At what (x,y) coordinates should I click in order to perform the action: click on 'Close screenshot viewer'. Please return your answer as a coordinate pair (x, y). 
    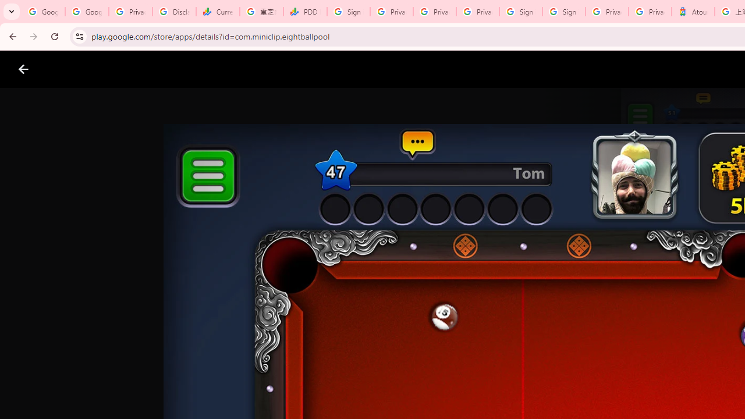
    Looking at the image, I should click on (23, 69).